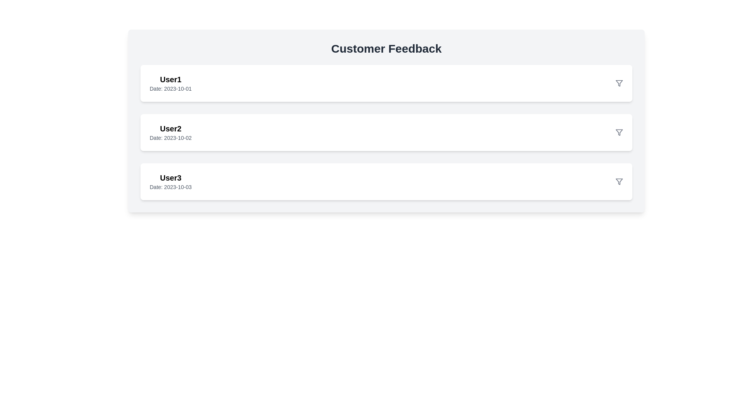  I want to click on text content of the List item header with subtitle displaying 'User3' and the date 'Date: 2023-10-03', which is the third item in the user entries list, so click(170, 182).